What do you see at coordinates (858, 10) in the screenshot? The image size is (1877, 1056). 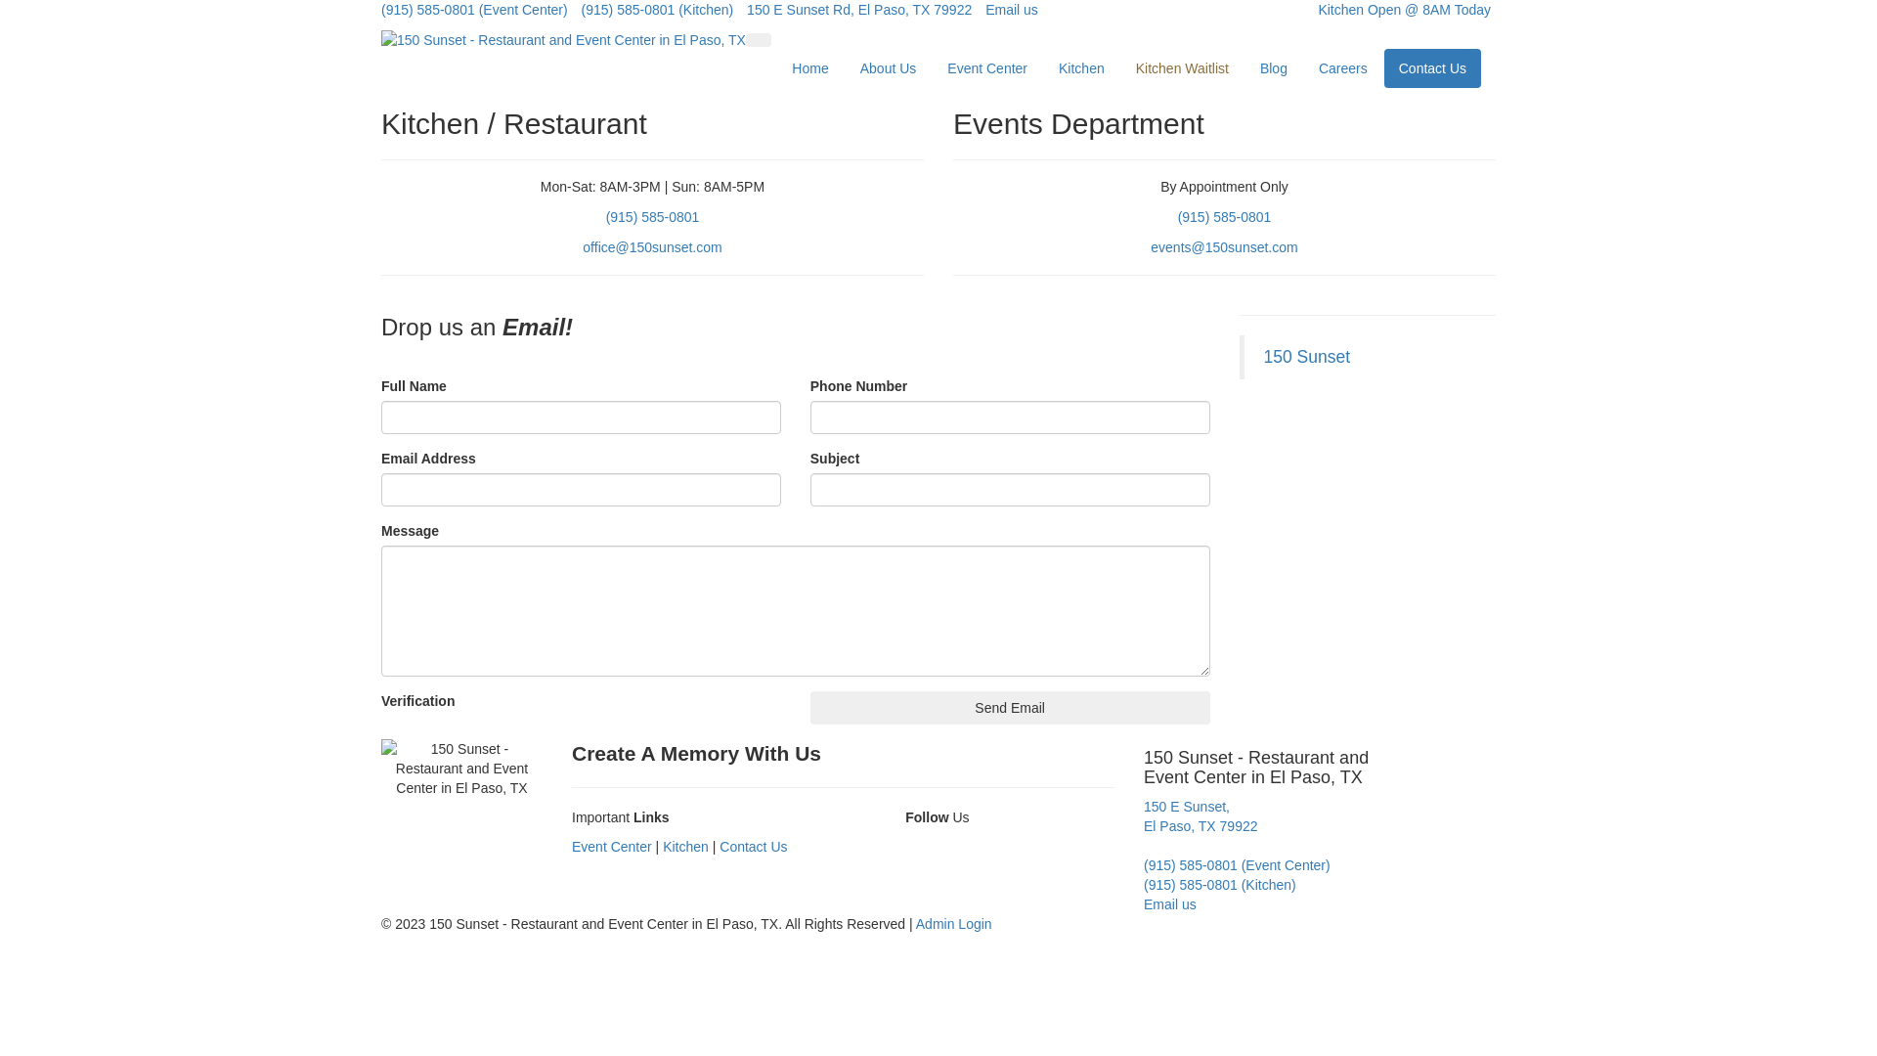 I see `'150 E Sunset Rd, El Paso, TX 79922'` at bounding box center [858, 10].